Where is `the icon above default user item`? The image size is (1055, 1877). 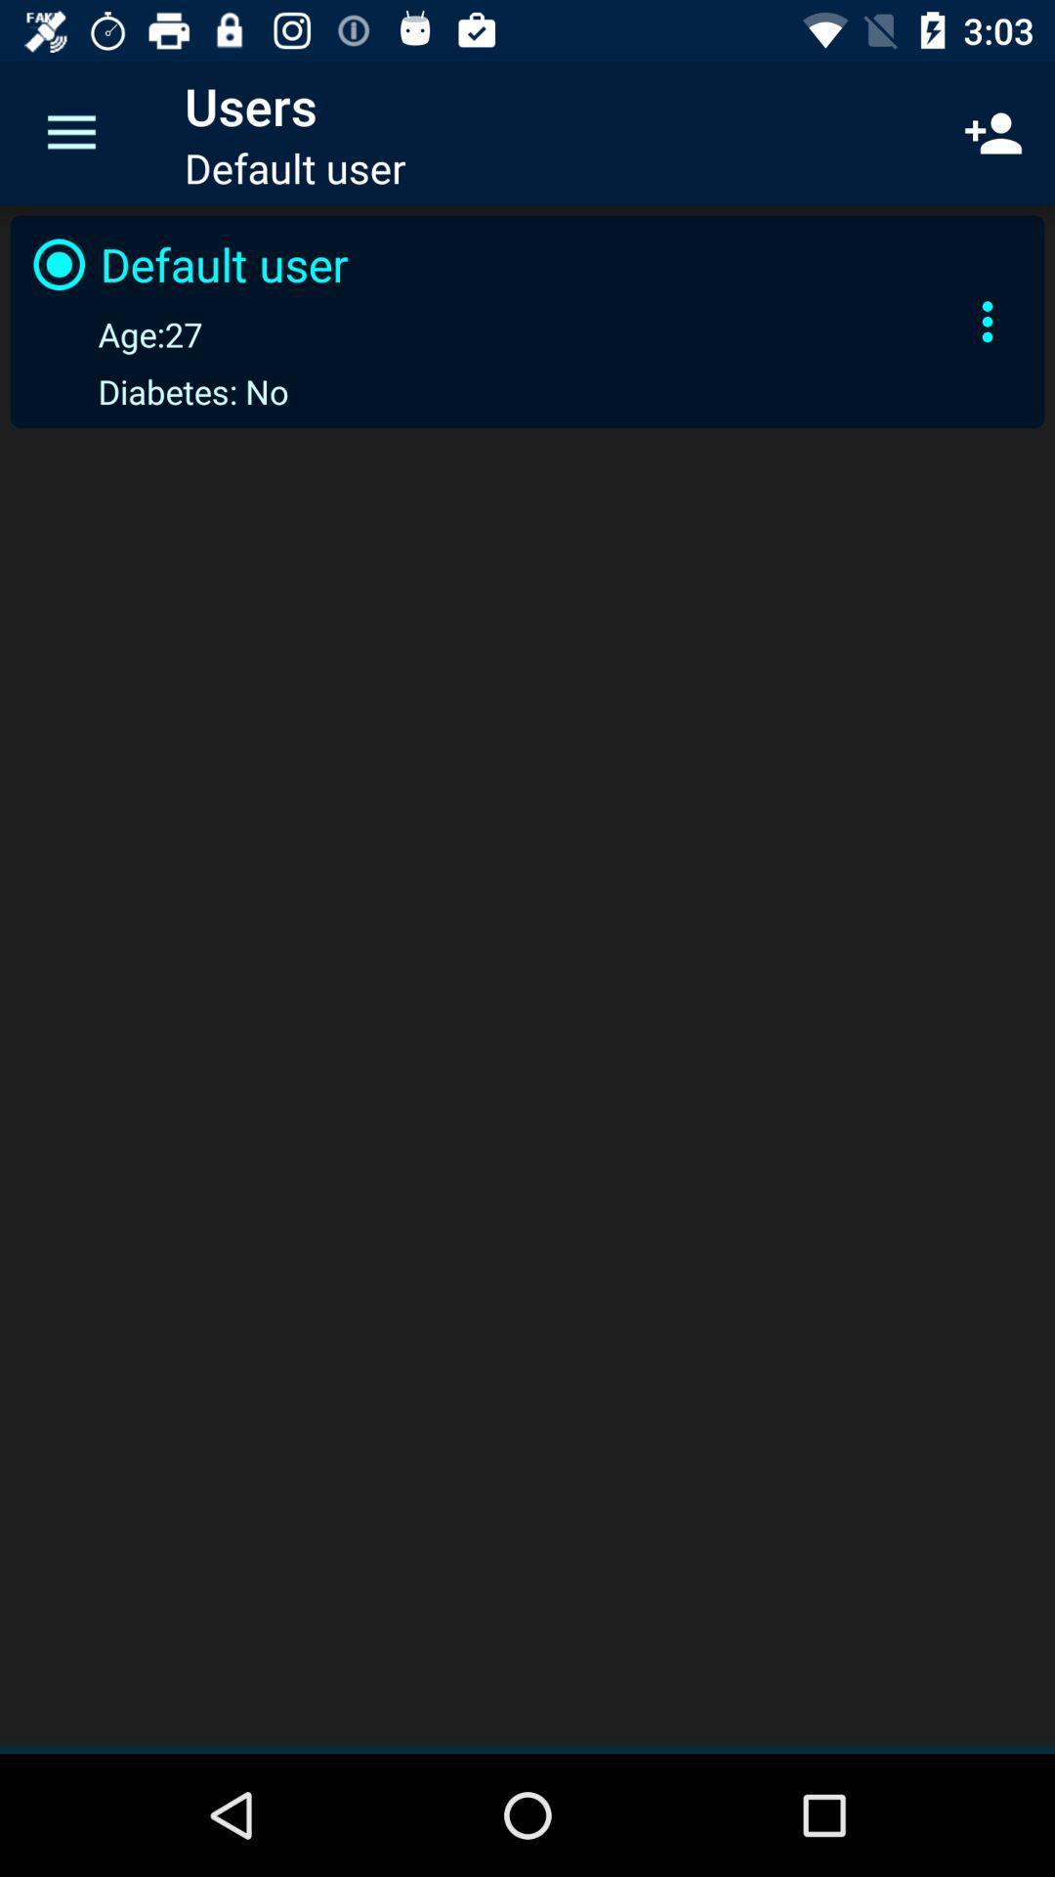 the icon above default user item is located at coordinates (70, 132).